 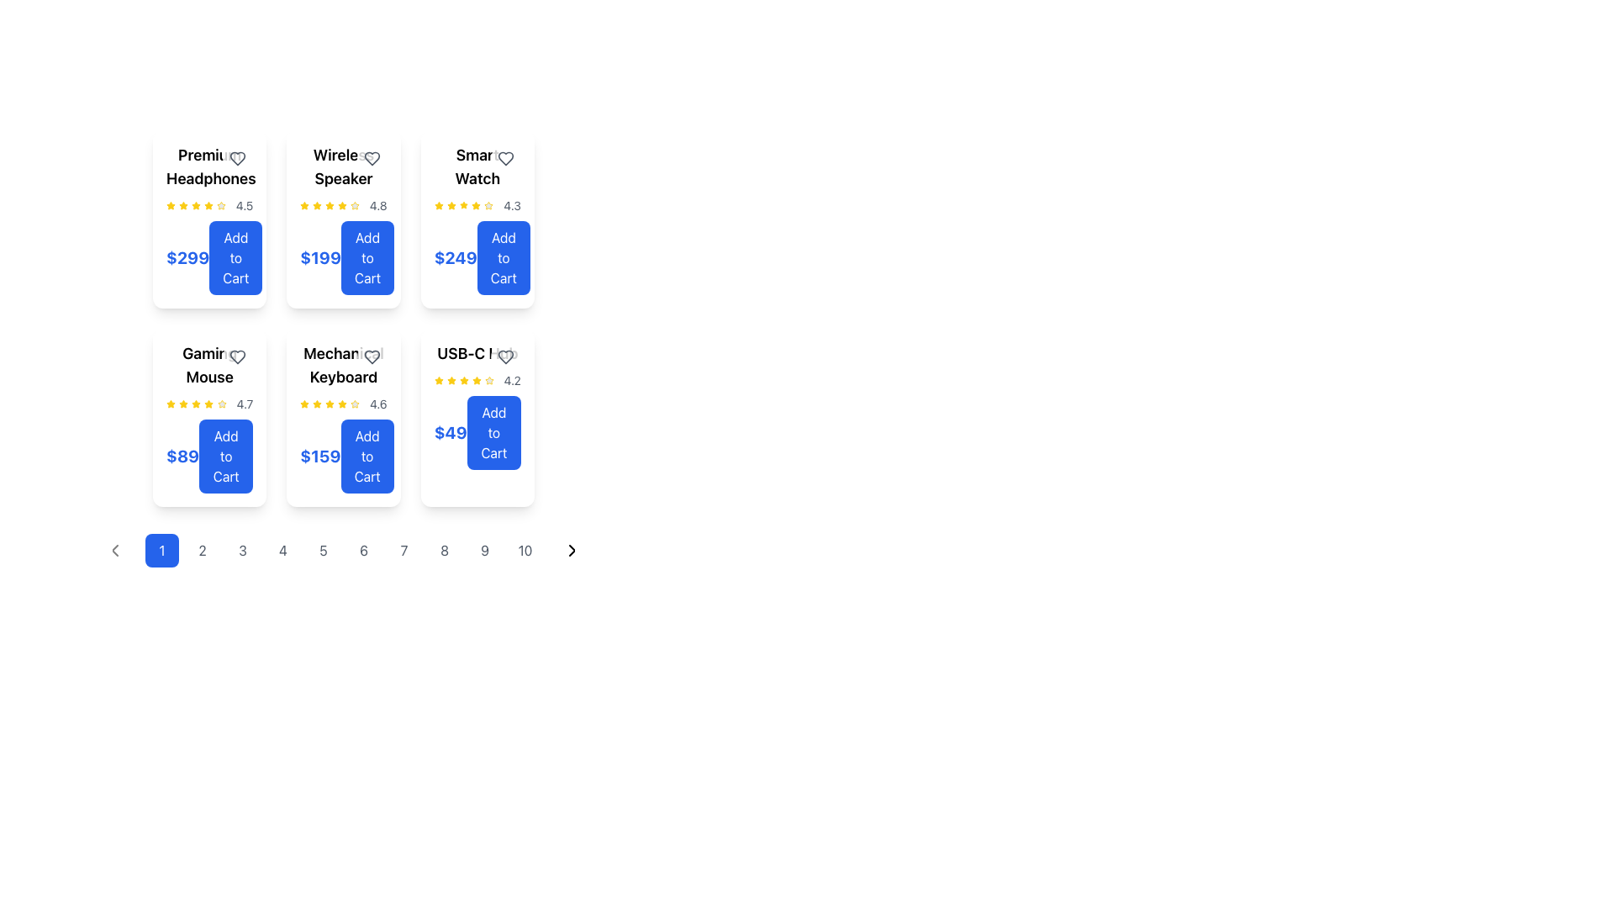 I want to click on the static text display showing '4.3', which is styled in gray and positioned to the right of yellow star icons in the first row, third column of the product card, so click(x=511, y=205).